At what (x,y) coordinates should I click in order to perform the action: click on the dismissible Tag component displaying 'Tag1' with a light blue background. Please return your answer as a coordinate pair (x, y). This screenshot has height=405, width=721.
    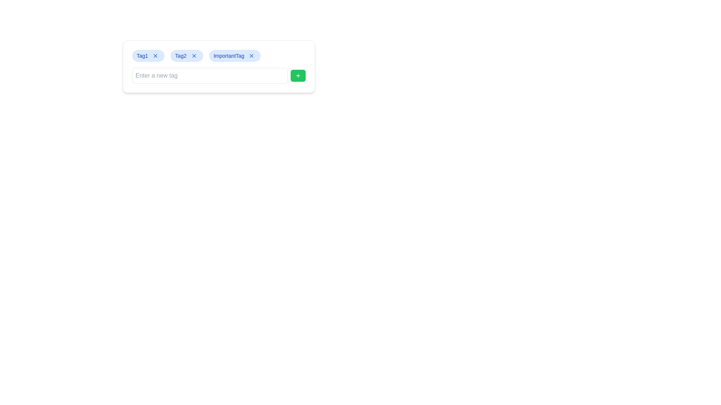
    Looking at the image, I should click on (148, 55).